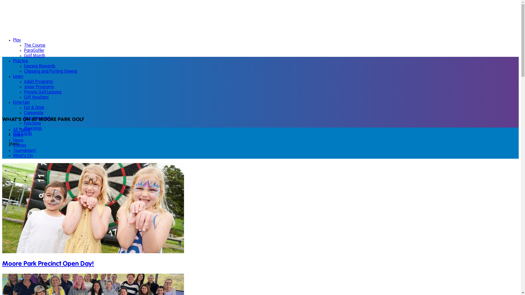 This screenshot has width=525, height=295. What do you see at coordinates (24, 92) in the screenshot?
I see `'Private Golf Lessons'` at bounding box center [24, 92].